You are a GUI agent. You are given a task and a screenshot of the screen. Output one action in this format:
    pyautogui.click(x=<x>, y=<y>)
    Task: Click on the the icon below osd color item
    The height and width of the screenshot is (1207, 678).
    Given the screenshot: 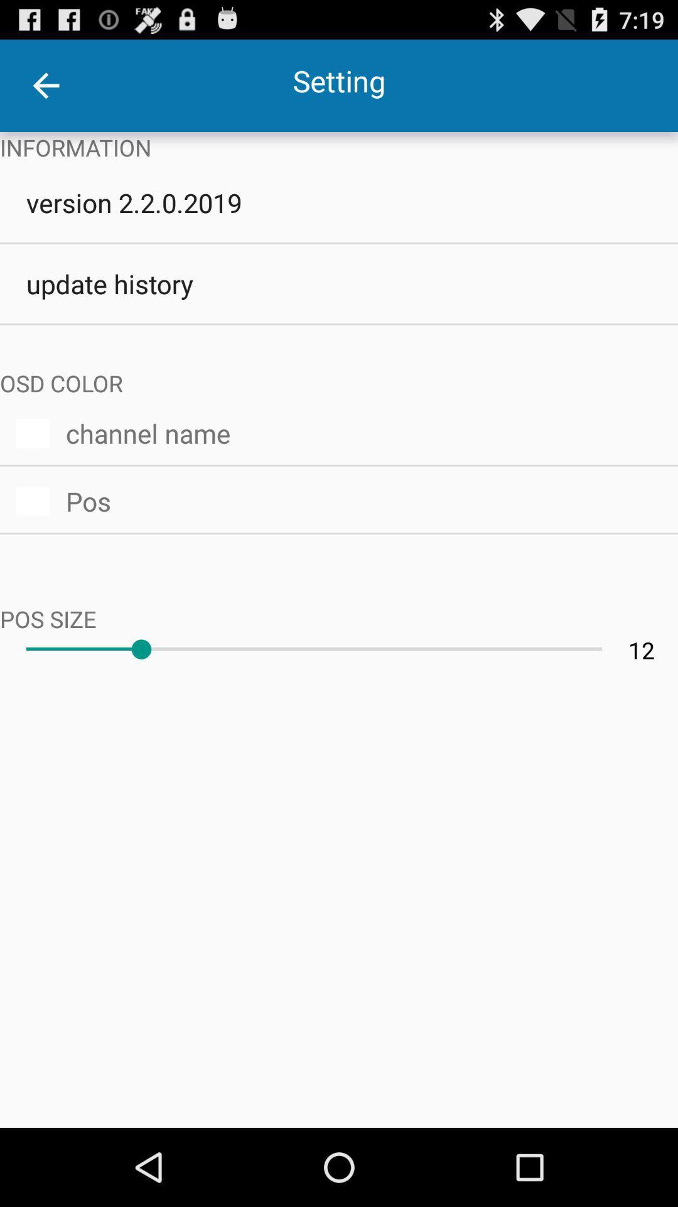 What is the action you would take?
    pyautogui.click(x=363, y=431)
    